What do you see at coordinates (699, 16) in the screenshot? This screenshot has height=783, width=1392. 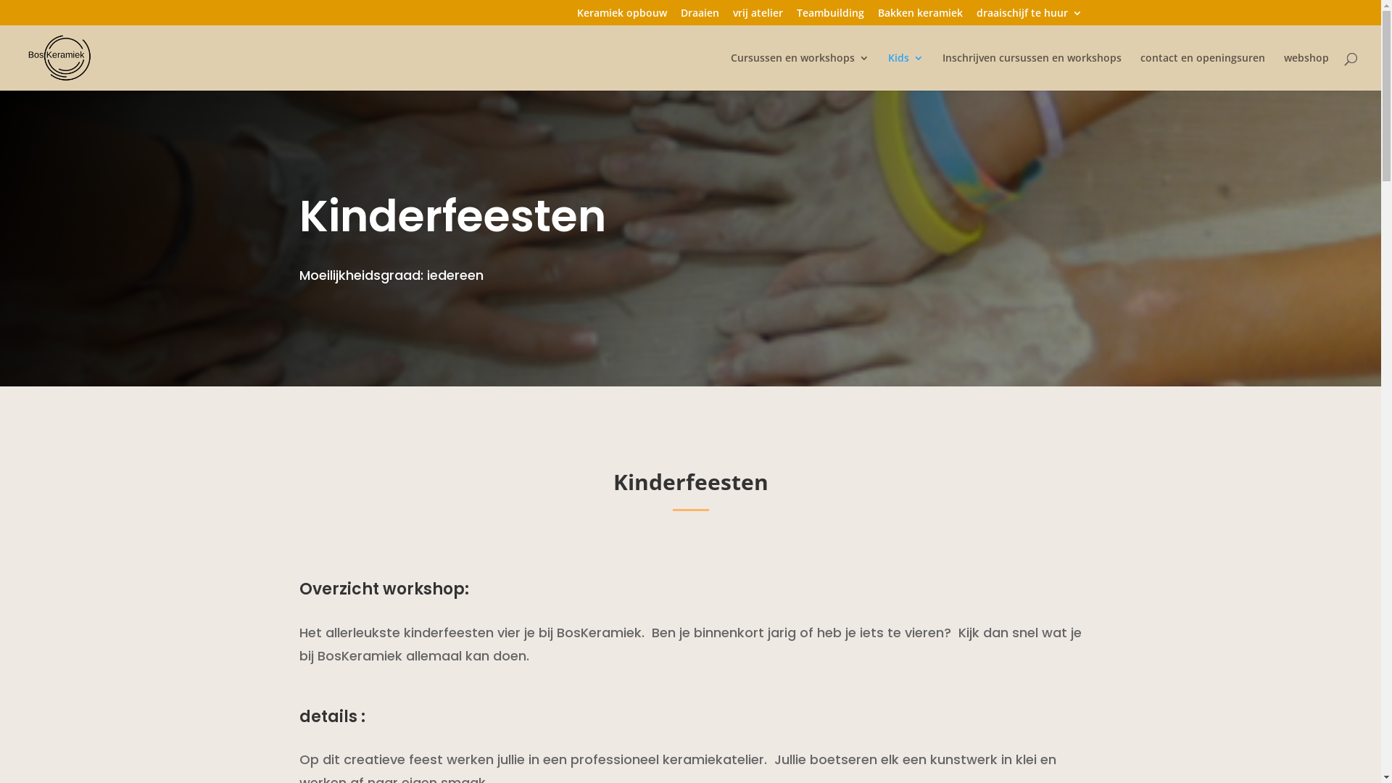 I see `'Draaien'` at bounding box center [699, 16].